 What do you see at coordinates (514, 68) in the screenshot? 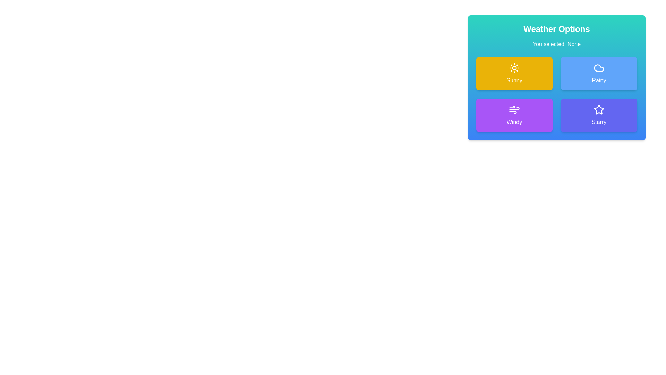
I see `the 'Sunny' weather icon, which is centered on the yellow button in the top-left quadrant of the weather options grid` at bounding box center [514, 68].